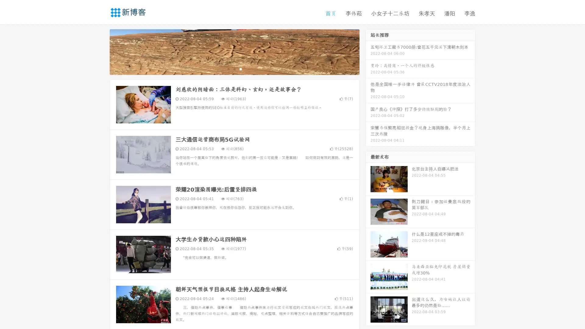 The image size is (585, 329). What do you see at coordinates (228, 69) in the screenshot?
I see `Go to slide 1` at bounding box center [228, 69].